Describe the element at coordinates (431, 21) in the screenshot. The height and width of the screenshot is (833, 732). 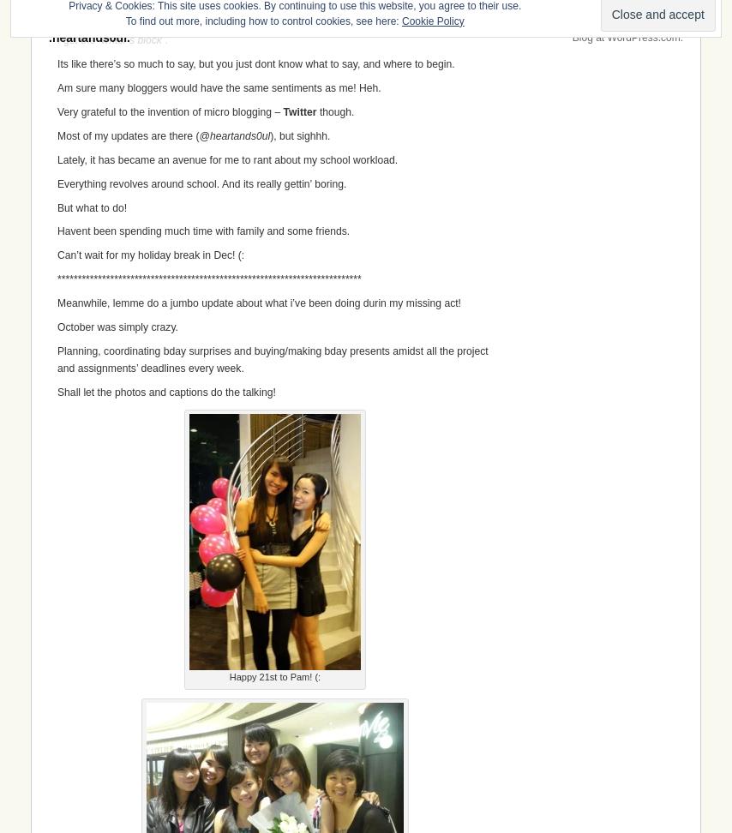
I see `'Cookie Policy'` at that location.